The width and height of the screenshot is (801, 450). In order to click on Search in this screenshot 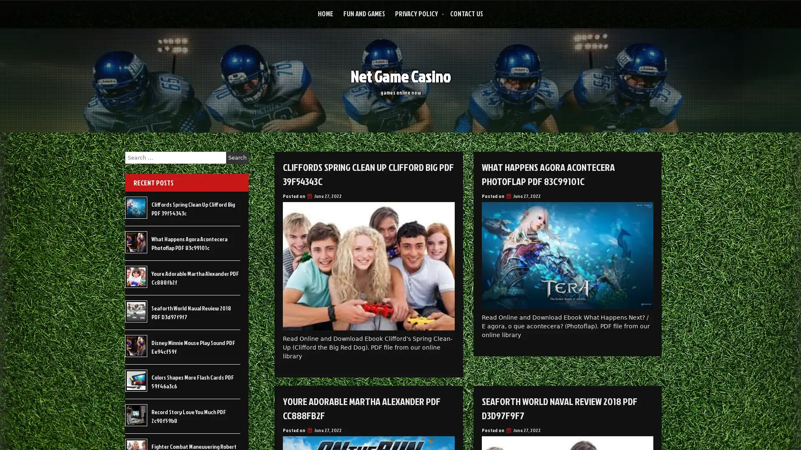, I will do `click(237, 157)`.